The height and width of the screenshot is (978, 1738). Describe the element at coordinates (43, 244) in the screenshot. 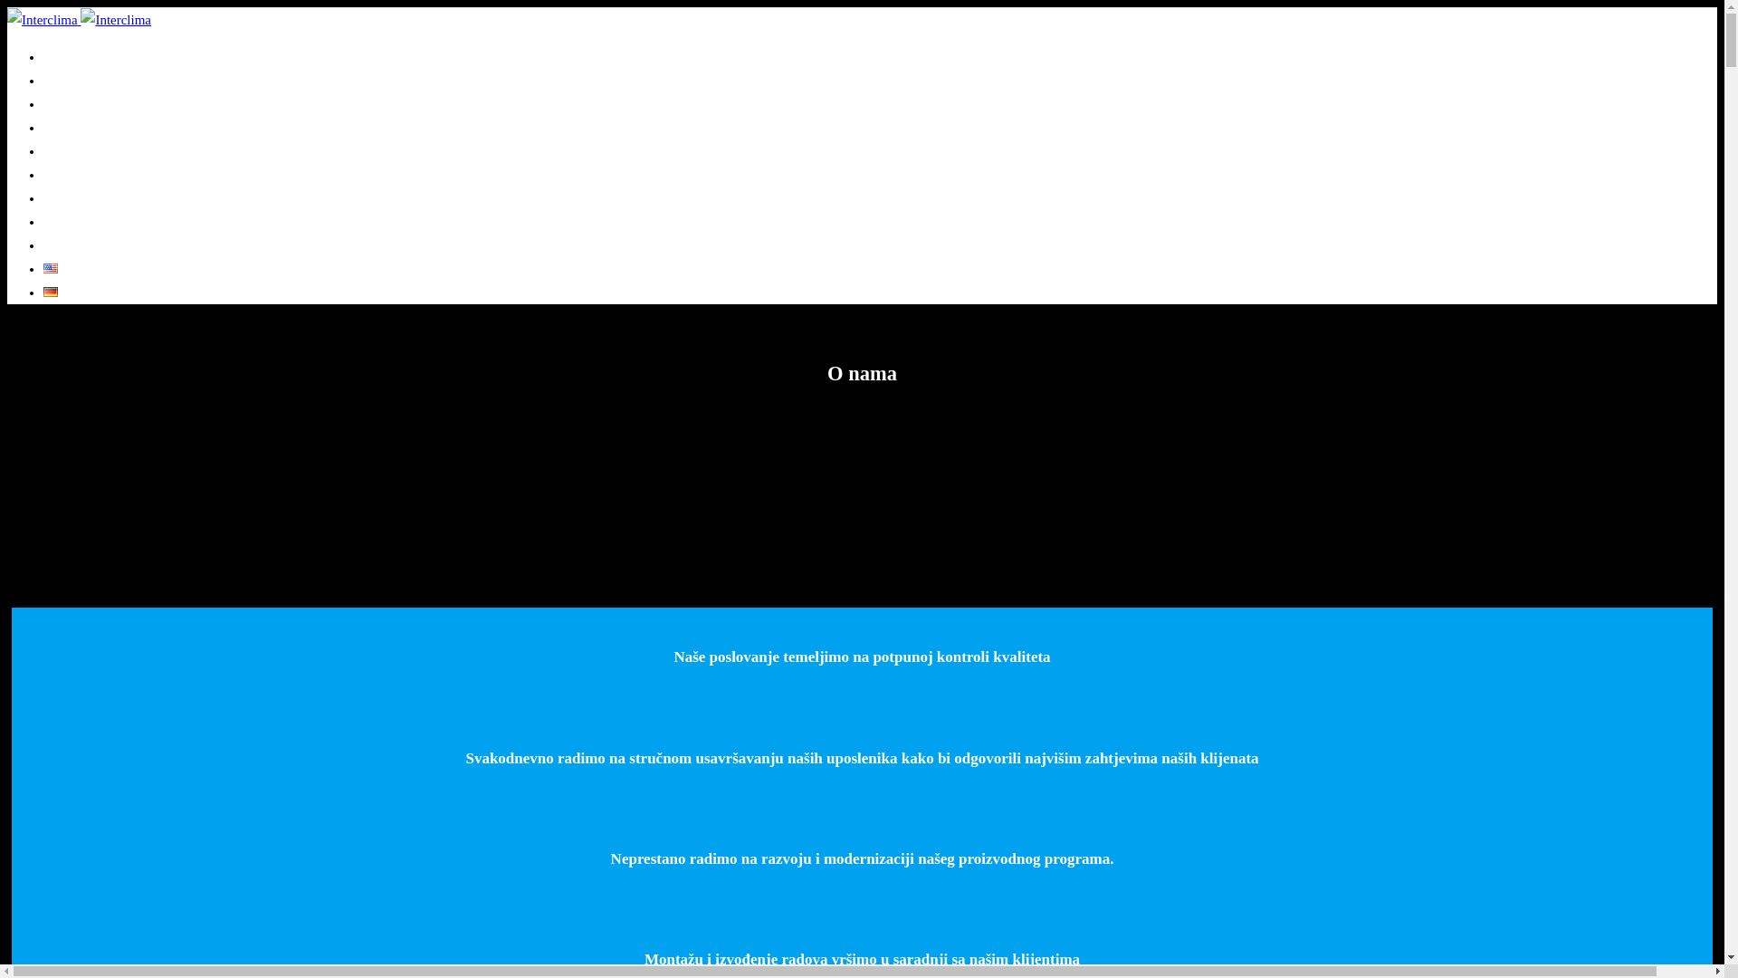

I see `'Kontakt'` at that location.